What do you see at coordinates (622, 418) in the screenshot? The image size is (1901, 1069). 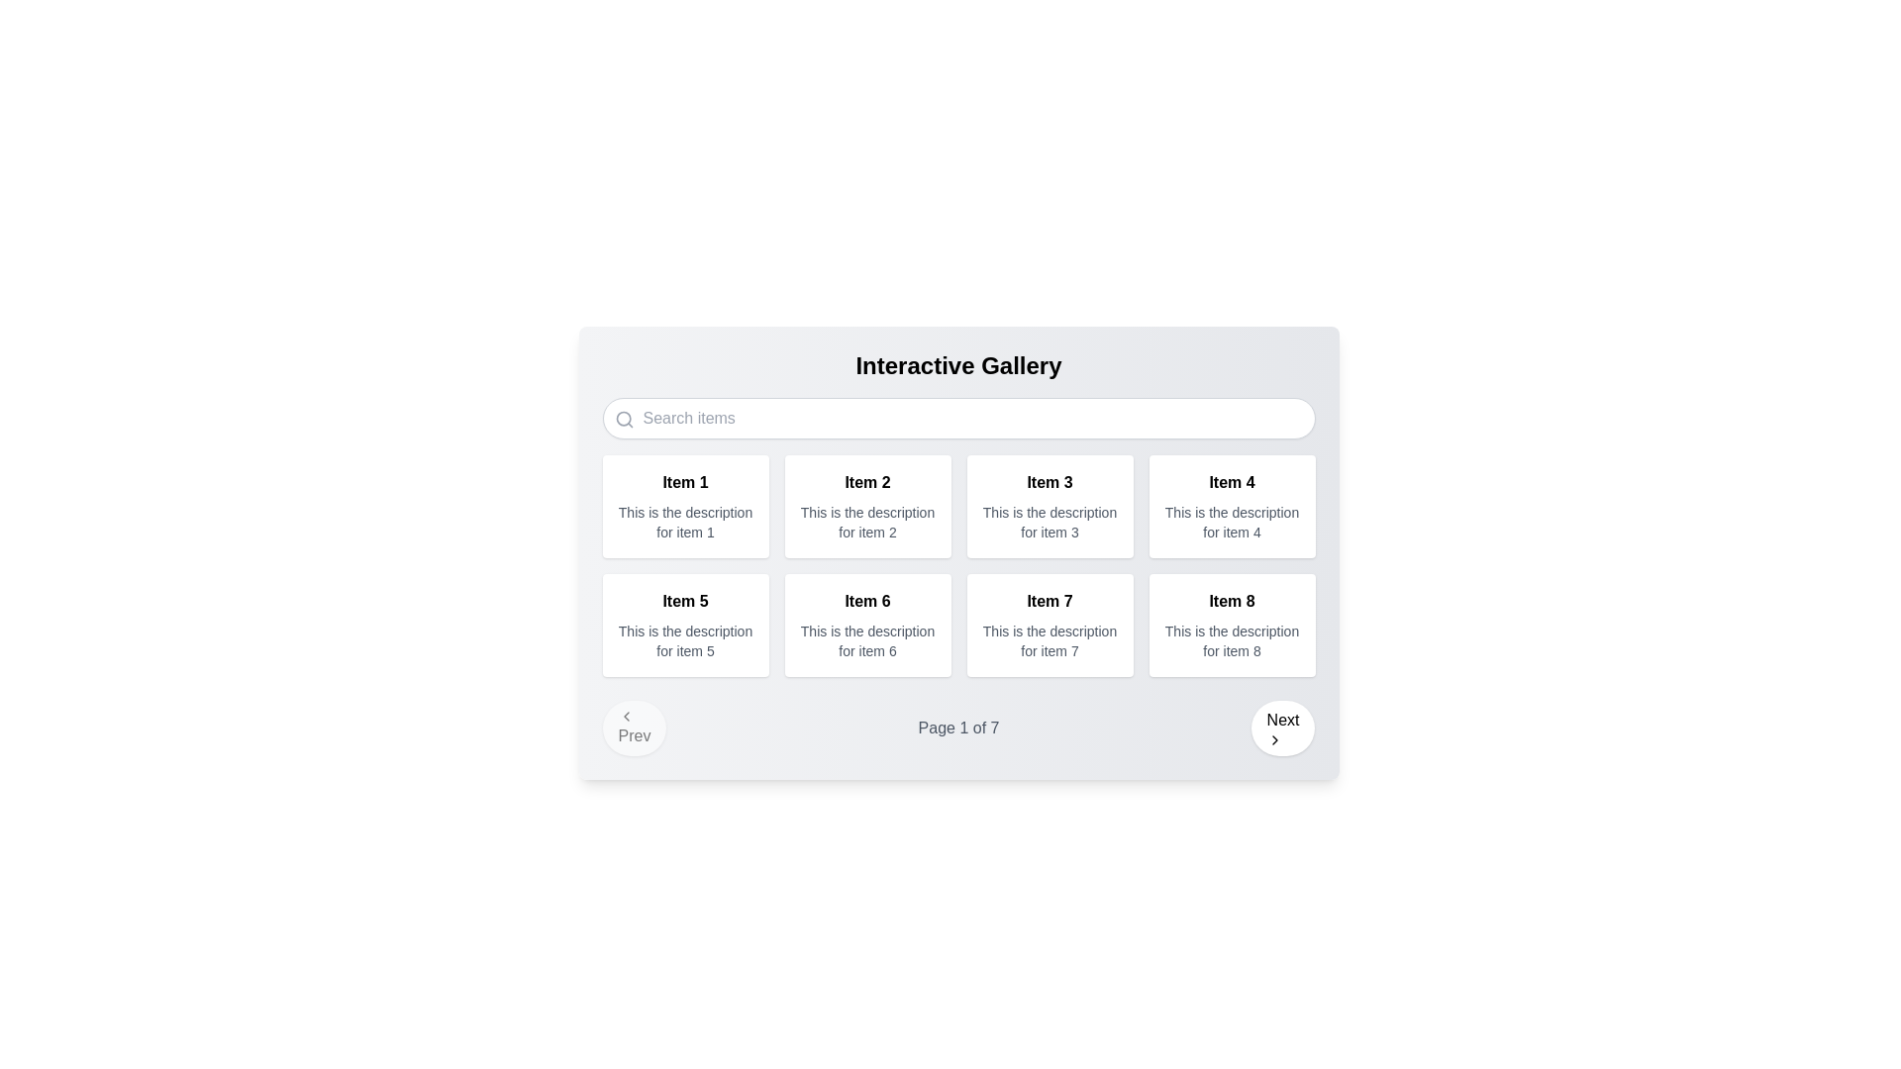 I see `the circle outline of the magnifying glass icon located in the top-left corner of the search bar to signify search functionality` at bounding box center [622, 418].